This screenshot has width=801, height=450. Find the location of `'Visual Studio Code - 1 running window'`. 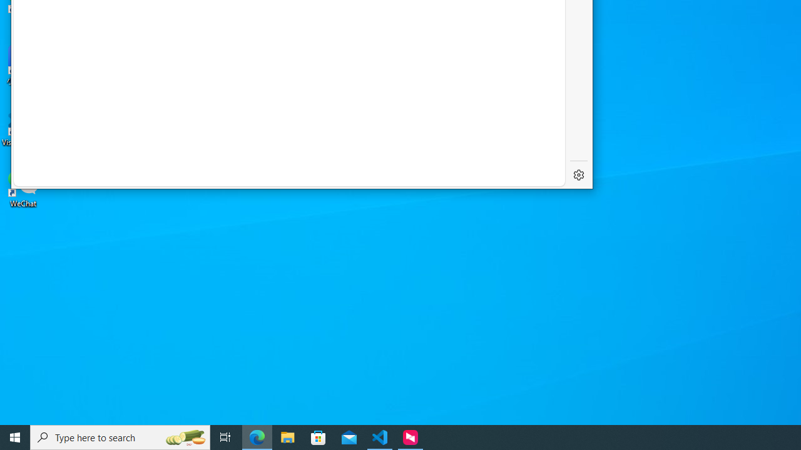

'Visual Studio Code - 1 running window' is located at coordinates (379, 436).